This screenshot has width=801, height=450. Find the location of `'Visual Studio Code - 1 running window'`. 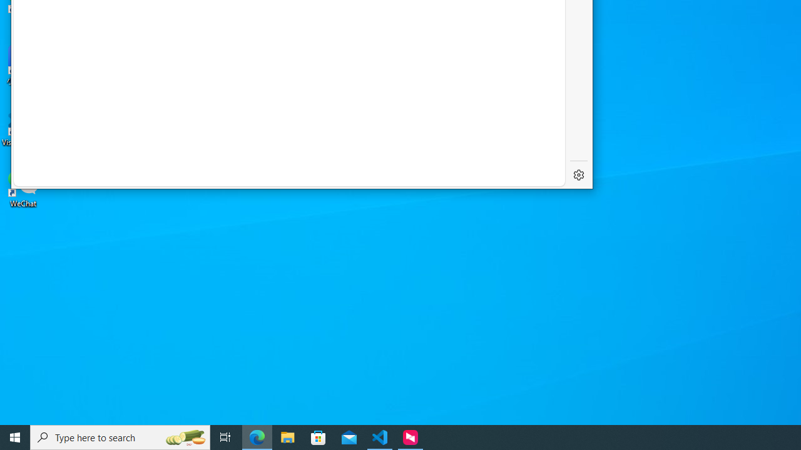

'Visual Studio Code - 1 running window' is located at coordinates (379, 436).